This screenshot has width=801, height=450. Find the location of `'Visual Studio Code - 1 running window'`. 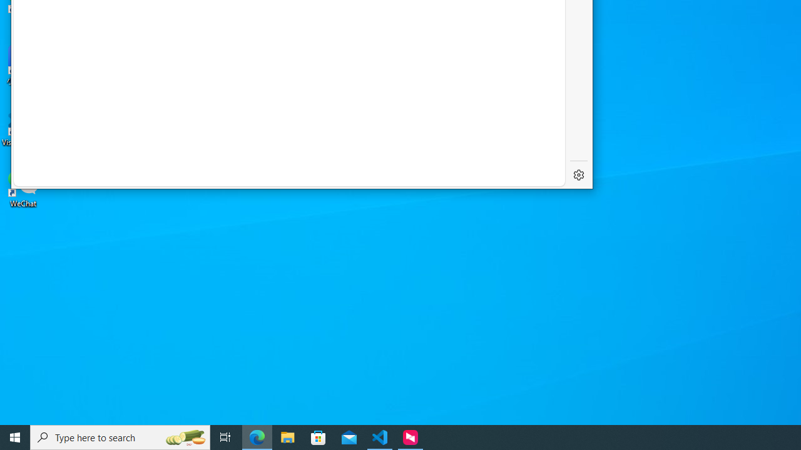

'Visual Studio Code - 1 running window' is located at coordinates (379, 436).